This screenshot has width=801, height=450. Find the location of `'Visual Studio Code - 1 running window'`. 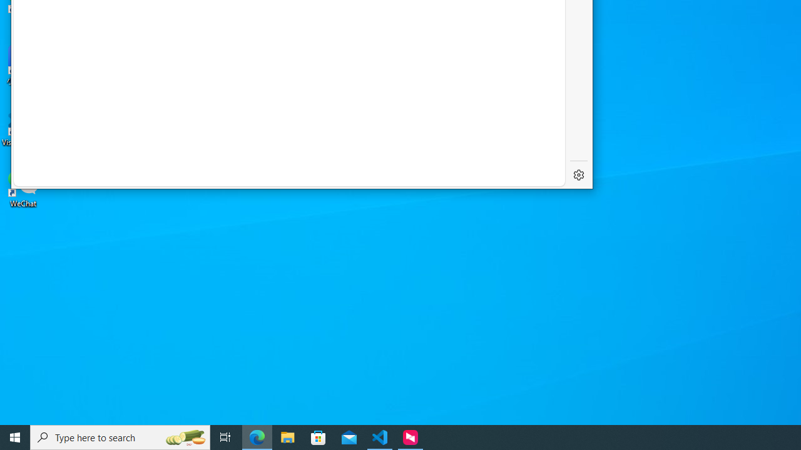

'Visual Studio Code - 1 running window' is located at coordinates (379, 436).